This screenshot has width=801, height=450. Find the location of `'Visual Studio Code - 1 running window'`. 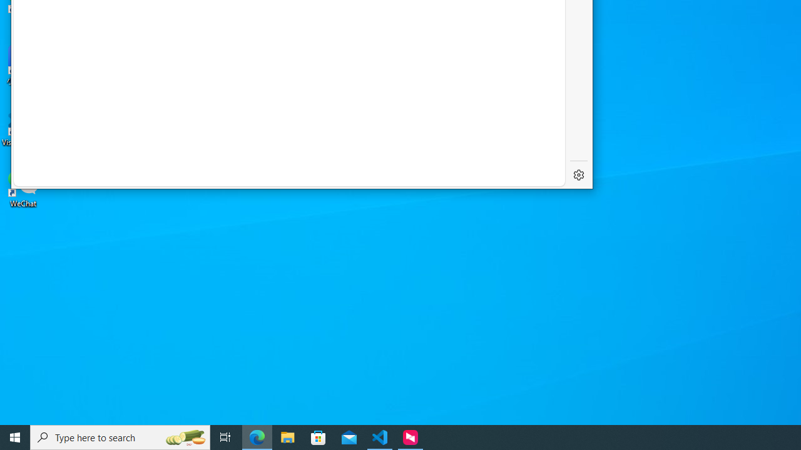

'Visual Studio Code - 1 running window' is located at coordinates (379, 436).